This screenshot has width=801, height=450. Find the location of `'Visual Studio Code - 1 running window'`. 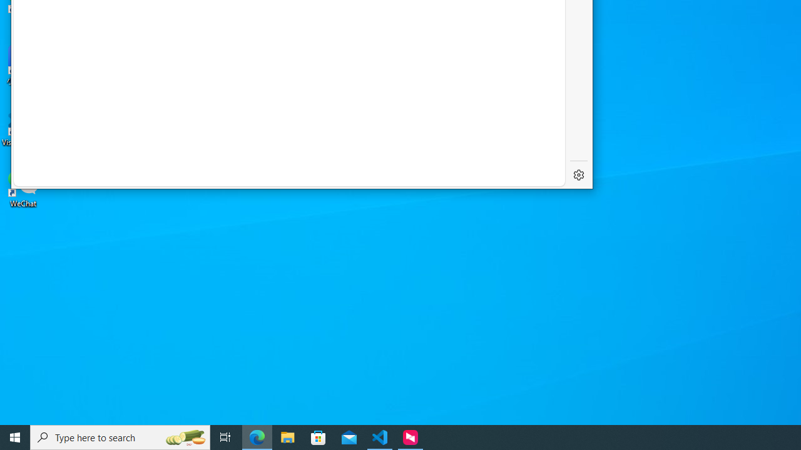

'Visual Studio Code - 1 running window' is located at coordinates (379, 436).